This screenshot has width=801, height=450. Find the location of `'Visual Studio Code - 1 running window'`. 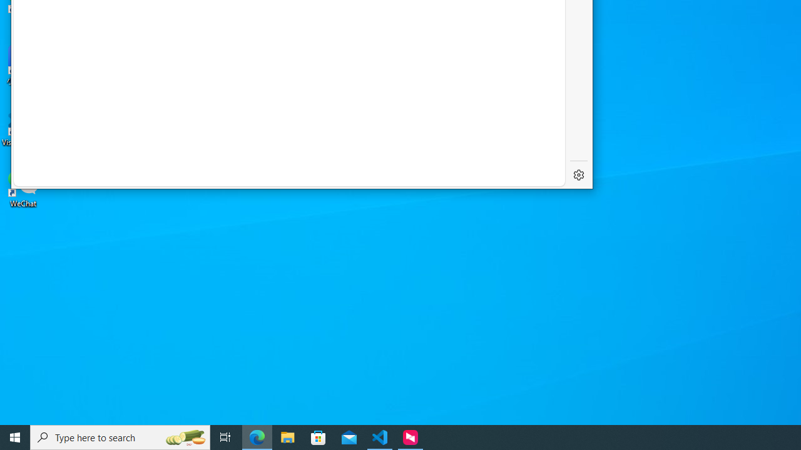

'Visual Studio Code - 1 running window' is located at coordinates (379, 436).